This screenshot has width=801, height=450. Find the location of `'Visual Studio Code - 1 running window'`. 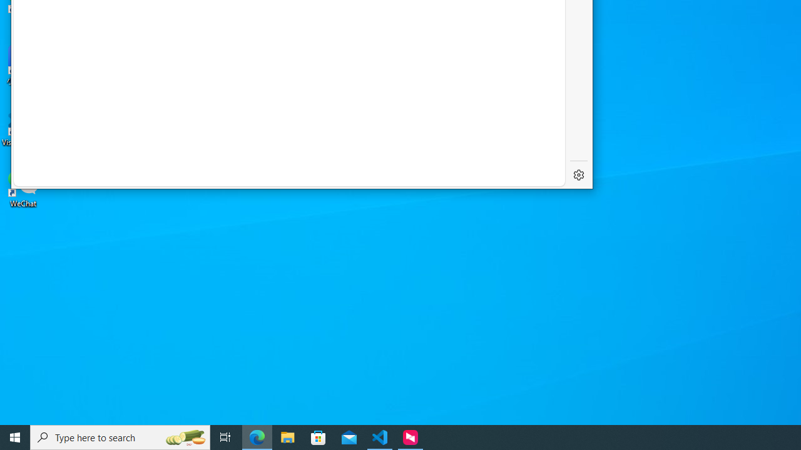

'Visual Studio Code - 1 running window' is located at coordinates (379, 436).